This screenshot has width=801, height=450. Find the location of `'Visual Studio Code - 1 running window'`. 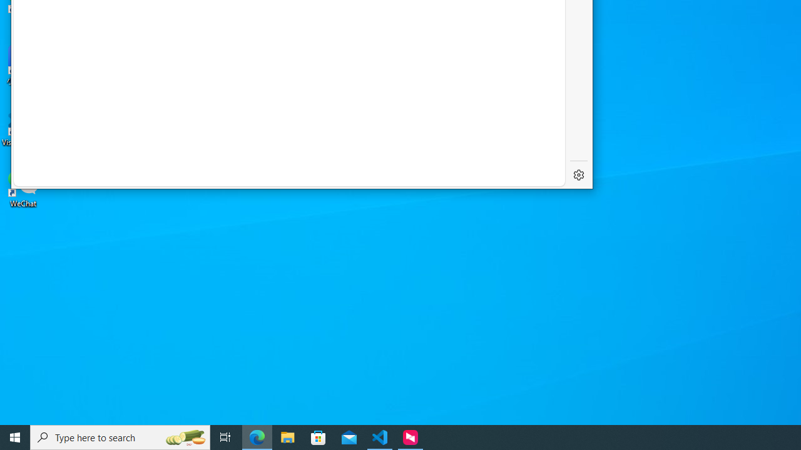

'Visual Studio Code - 1 running window' is located at coordinates (379, 436).